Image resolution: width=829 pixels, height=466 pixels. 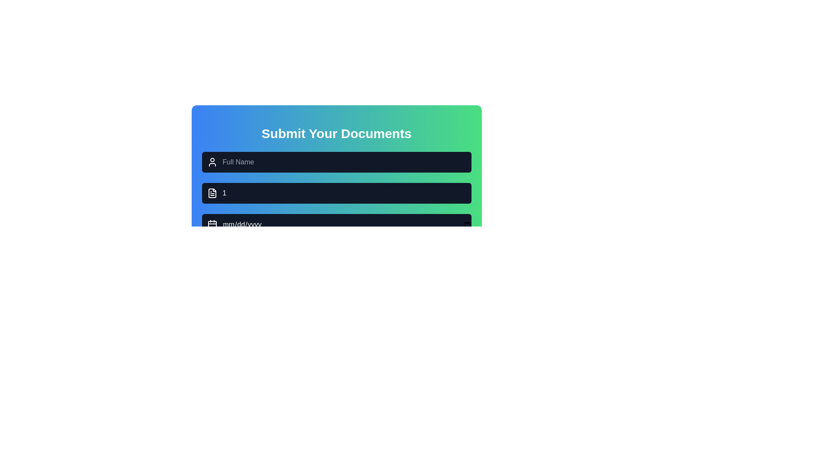 What do you see at coordinates (212, 224) in the screenshot?
I see `the calendar icon located to the left of the date input field, which features a rectangular outline with a calendar grid and two vertical lines at the top` at bounding box center [212, 224].